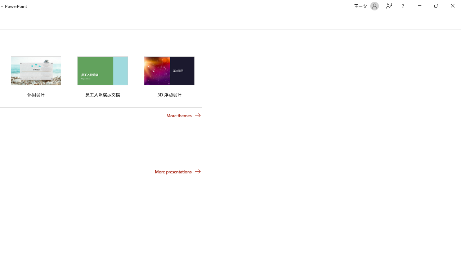 Image resolution: width=461 pixels, height=259 pixels. I want to click on 'More themes', so click(184, 115).